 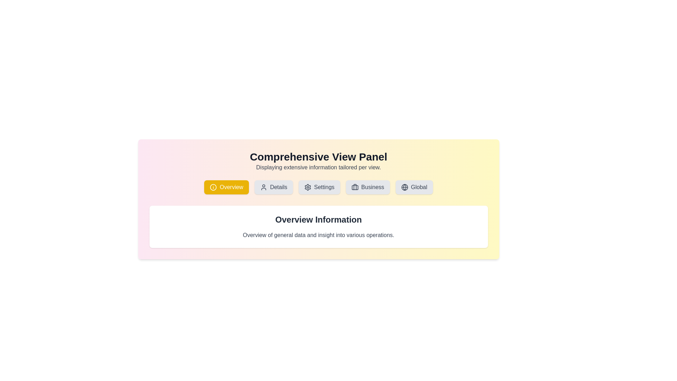 I want to click on the 'Global' text label, which is styled in dark gray and is part of a button group in the top-right corner of the panel, located to the right of a globe icon, so click(x=419, y=187).